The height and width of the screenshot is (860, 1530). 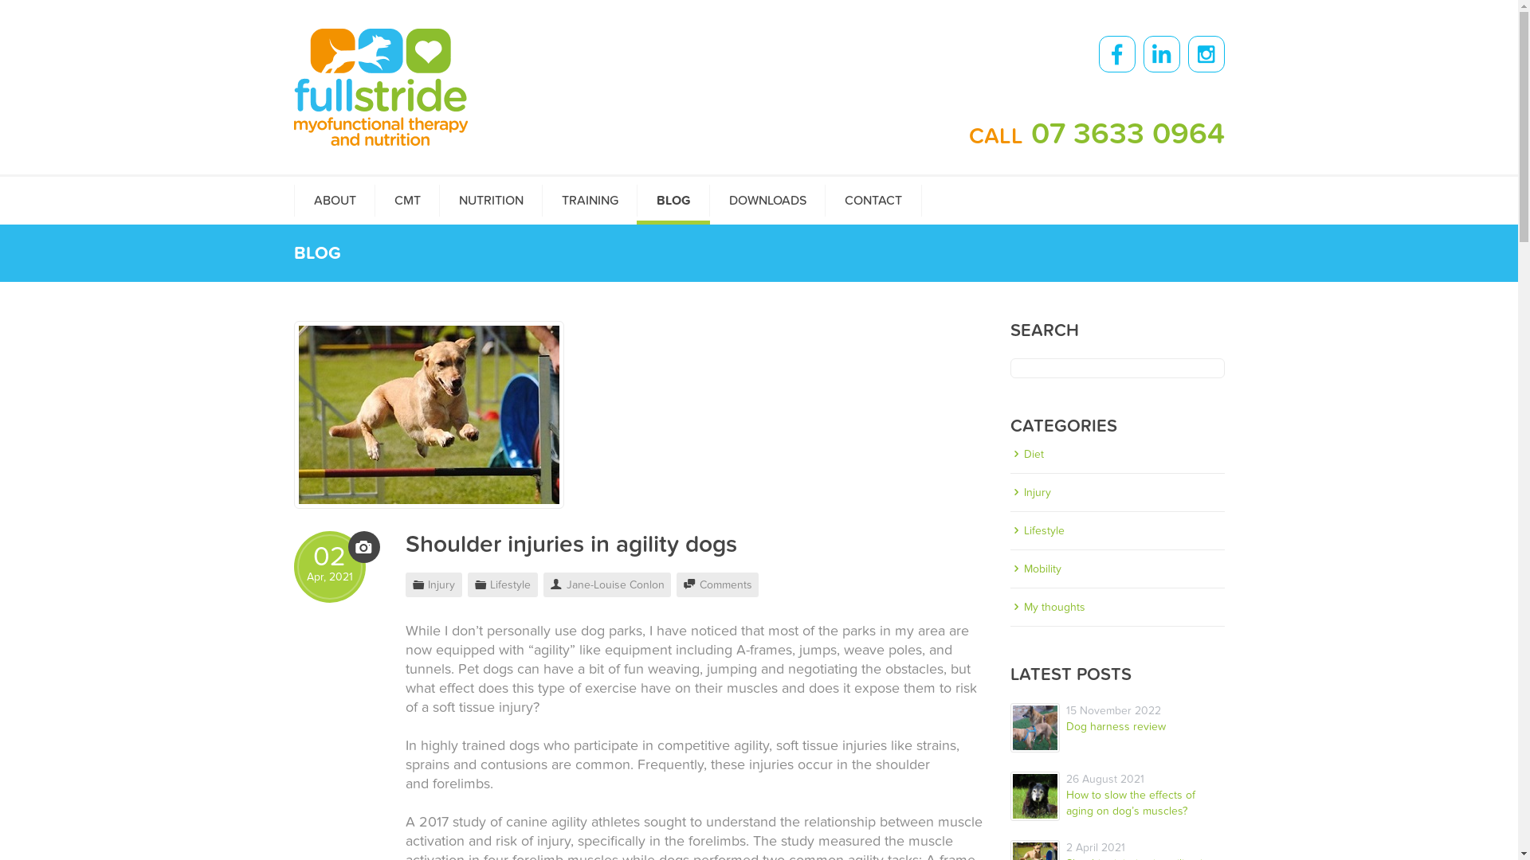 I want to click on 'CONTACT', so click(x=871, y=199).